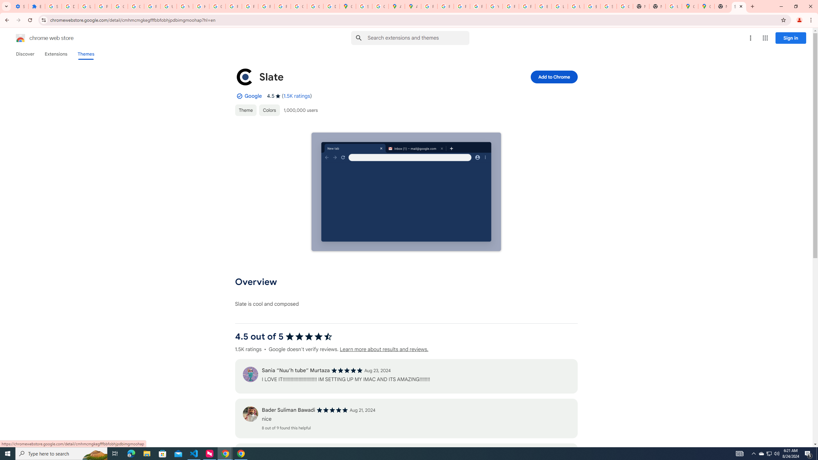 The width and height of the screenshot is (818, 460). What do you see at coordinates (428, 6) in the screenshot?
I see `'Policy Accountability and Transparency - Transparency Center'` at bounding box center [428, 6].